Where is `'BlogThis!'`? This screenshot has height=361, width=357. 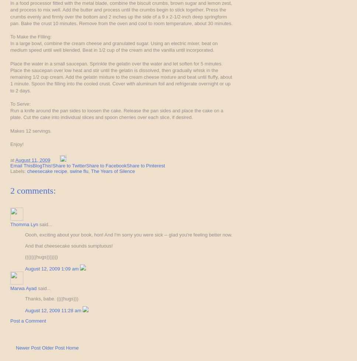
'BlogThis!' is located at coordinates (42, 165).